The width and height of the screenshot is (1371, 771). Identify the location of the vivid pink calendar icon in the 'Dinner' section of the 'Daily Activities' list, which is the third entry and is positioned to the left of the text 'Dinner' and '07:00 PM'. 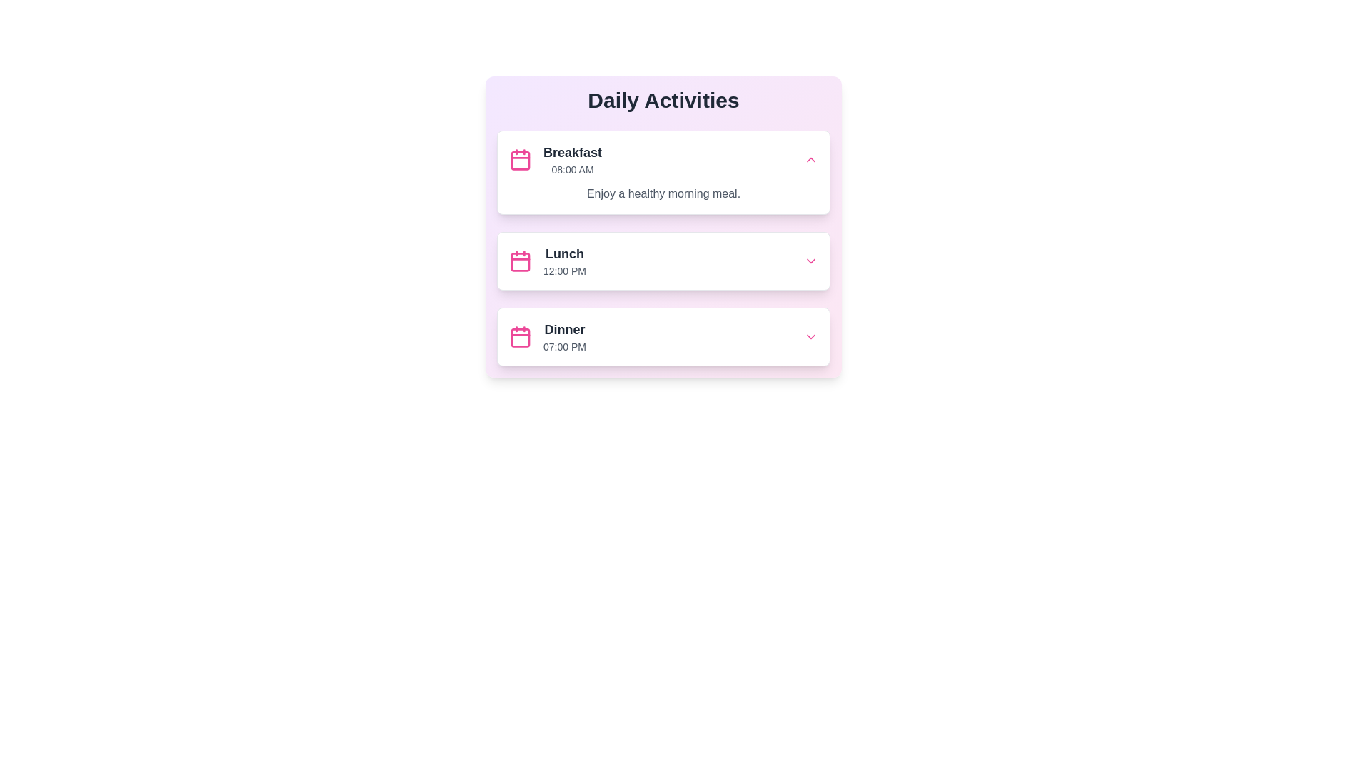
(520, 336).